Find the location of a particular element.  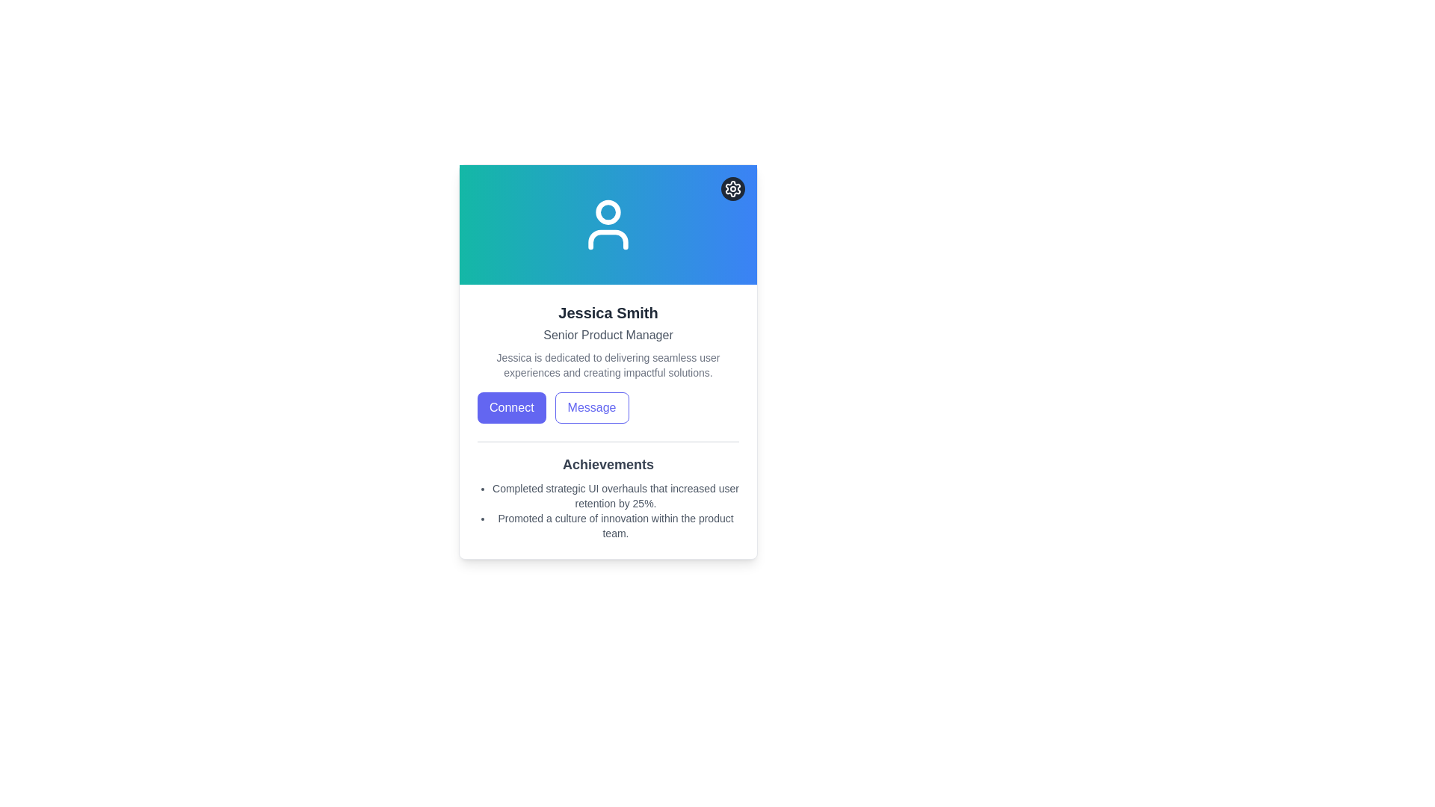

heading text label located above the bulleted list of accomplishments in the achievements section, which is horizontally centered in the card layout is located at coordinates (608, 463).